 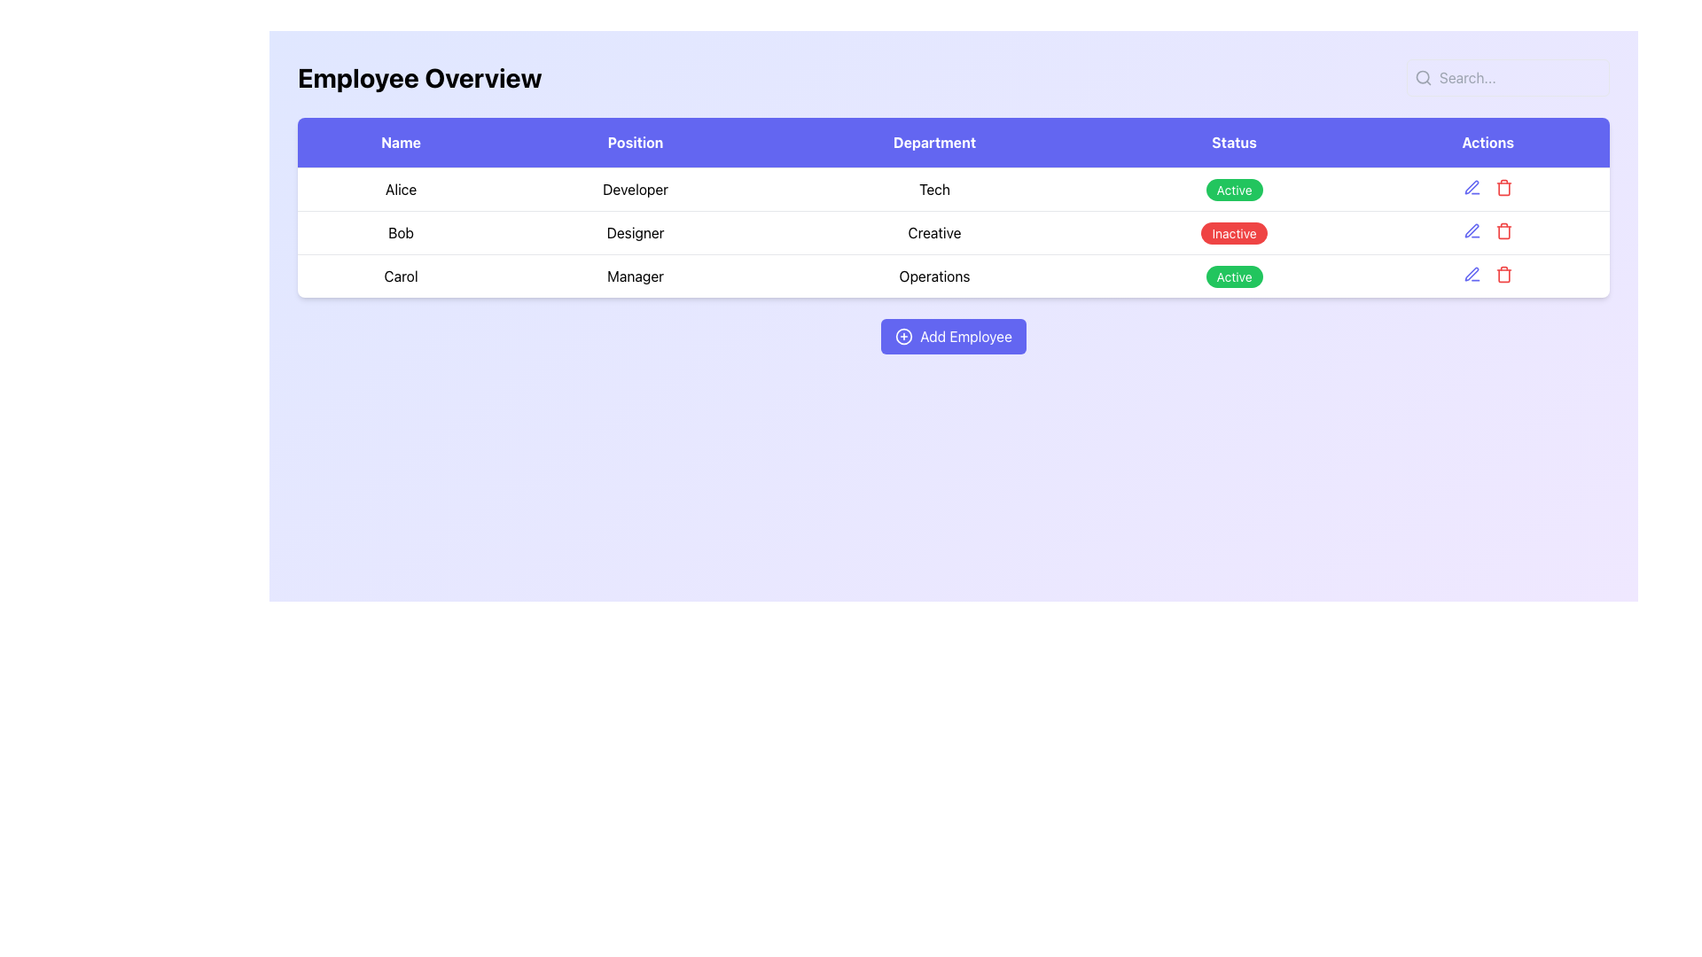 I want to click on the 'Name' table header with a pale purple background and white bold text for potential sorting, so click(x=400, y=142).